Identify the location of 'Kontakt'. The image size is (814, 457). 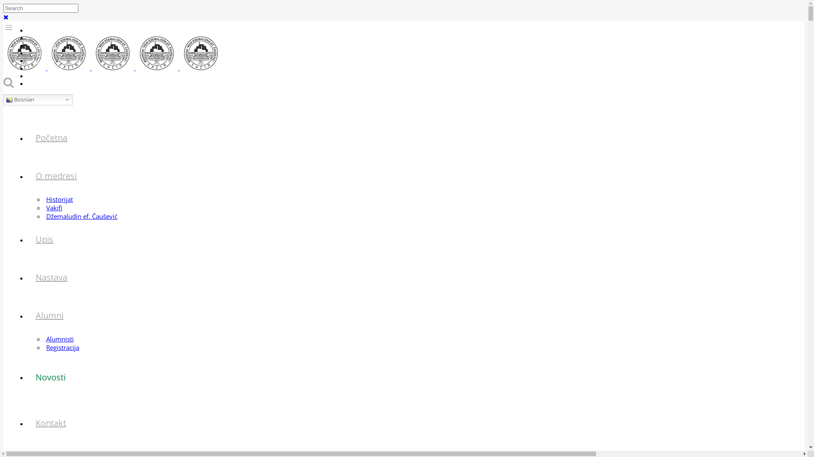
(50, 423).